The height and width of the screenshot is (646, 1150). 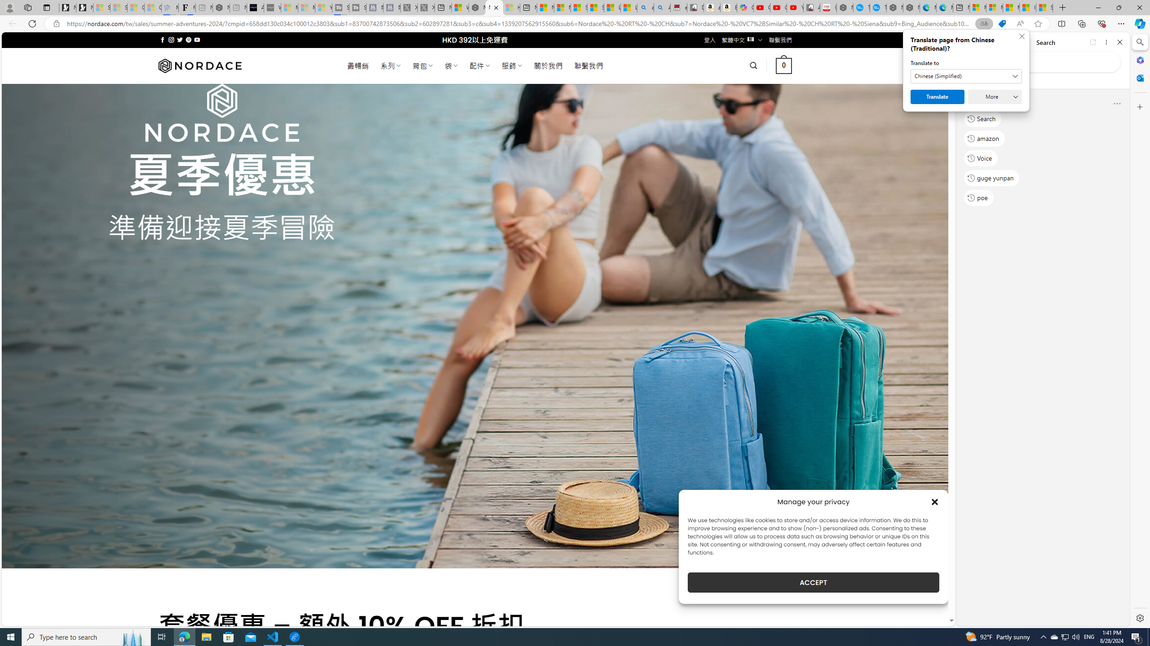 What do you see at coordinates (1140, 330) in the screenshot?
I see `'Side bar'` at bounding box center [1140, 330].